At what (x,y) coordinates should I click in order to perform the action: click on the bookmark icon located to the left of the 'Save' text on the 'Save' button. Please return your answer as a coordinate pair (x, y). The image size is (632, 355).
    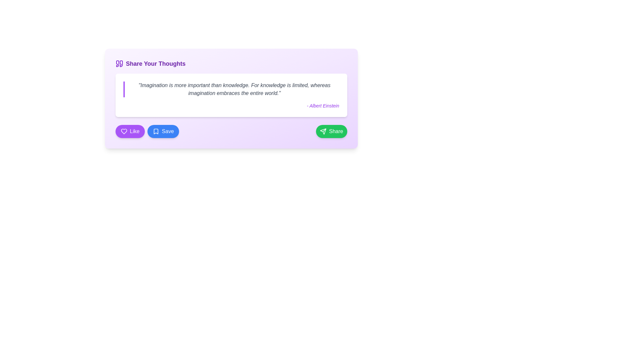
    Looking at the image, I should click on (155, 131).